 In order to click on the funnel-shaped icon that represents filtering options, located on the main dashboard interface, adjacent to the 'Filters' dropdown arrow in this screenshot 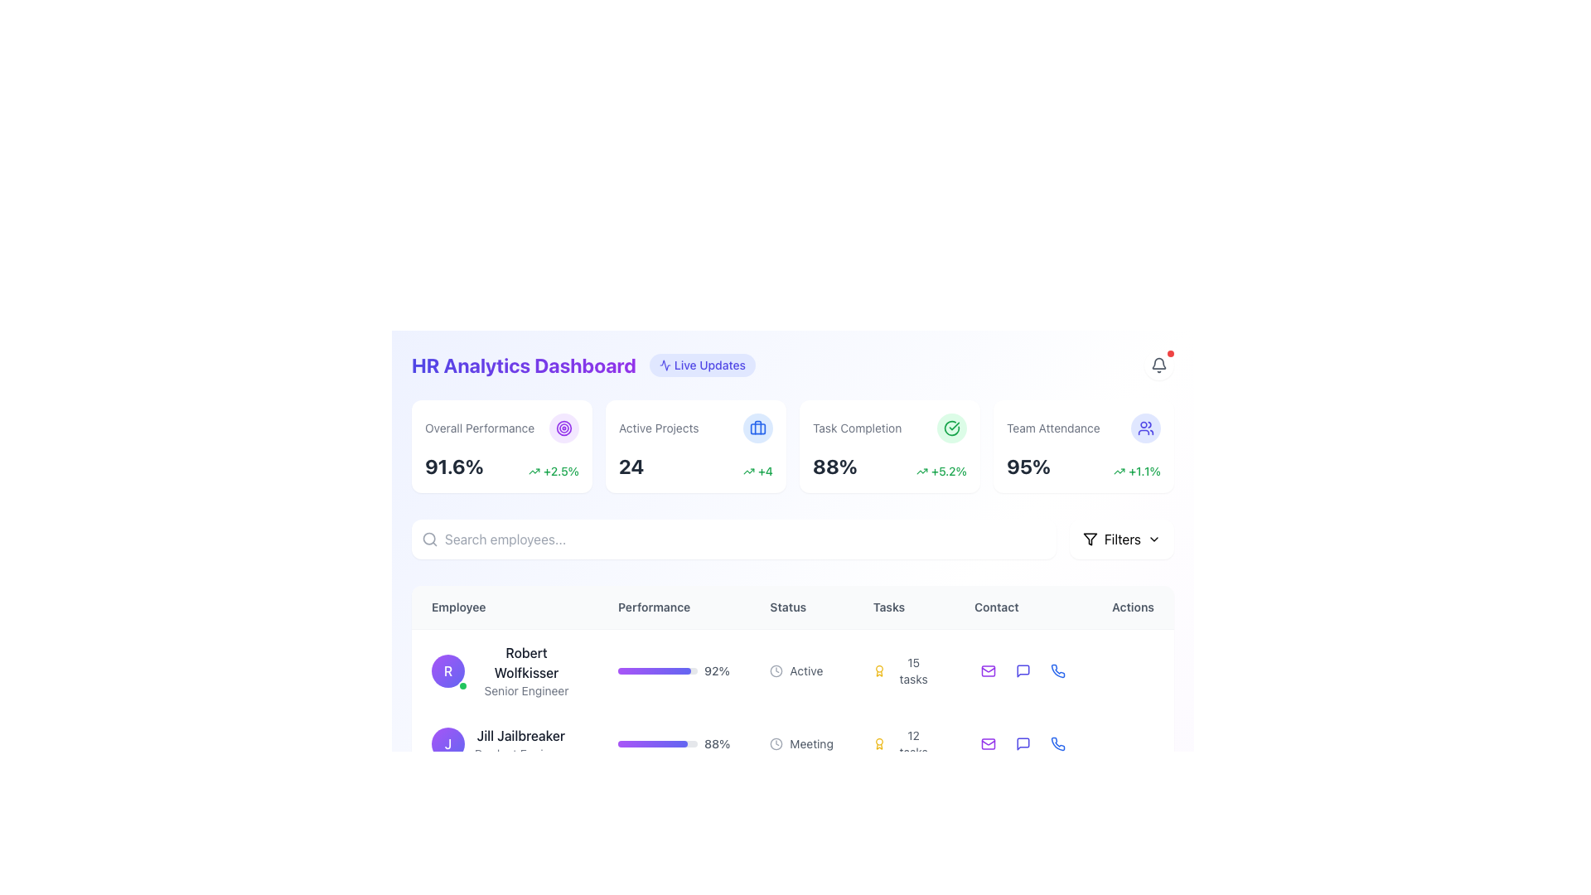, I will do `click(1090, 539)`.